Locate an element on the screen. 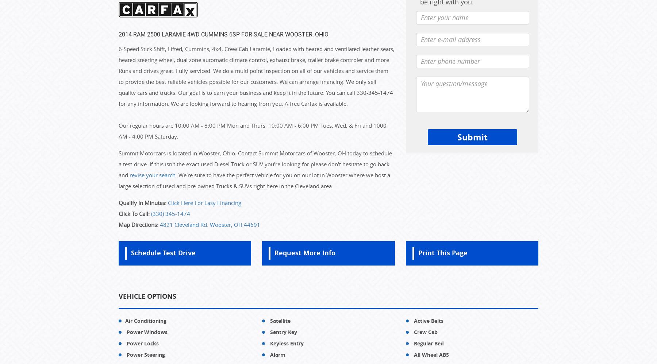  'Click To Call:' is located at coordinates (134, 213).